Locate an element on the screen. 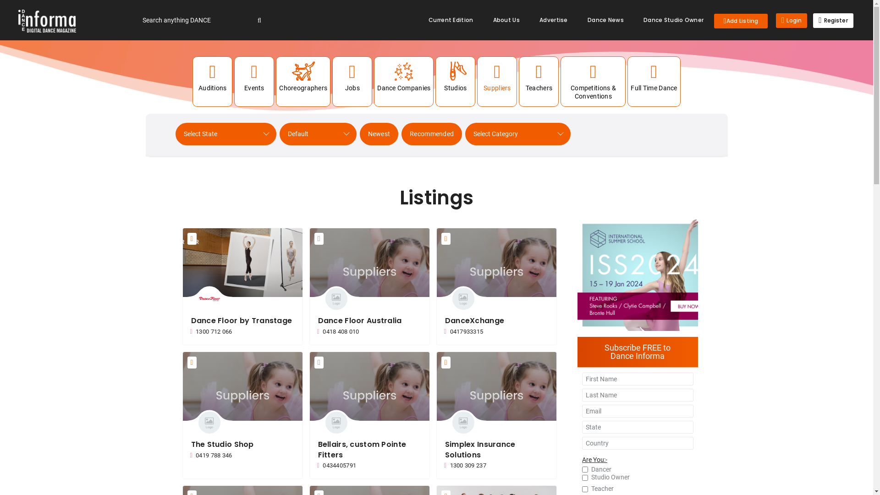 This screenshot has height=495, width=880. 'Current Edition' is located at coordinates (419, 20).